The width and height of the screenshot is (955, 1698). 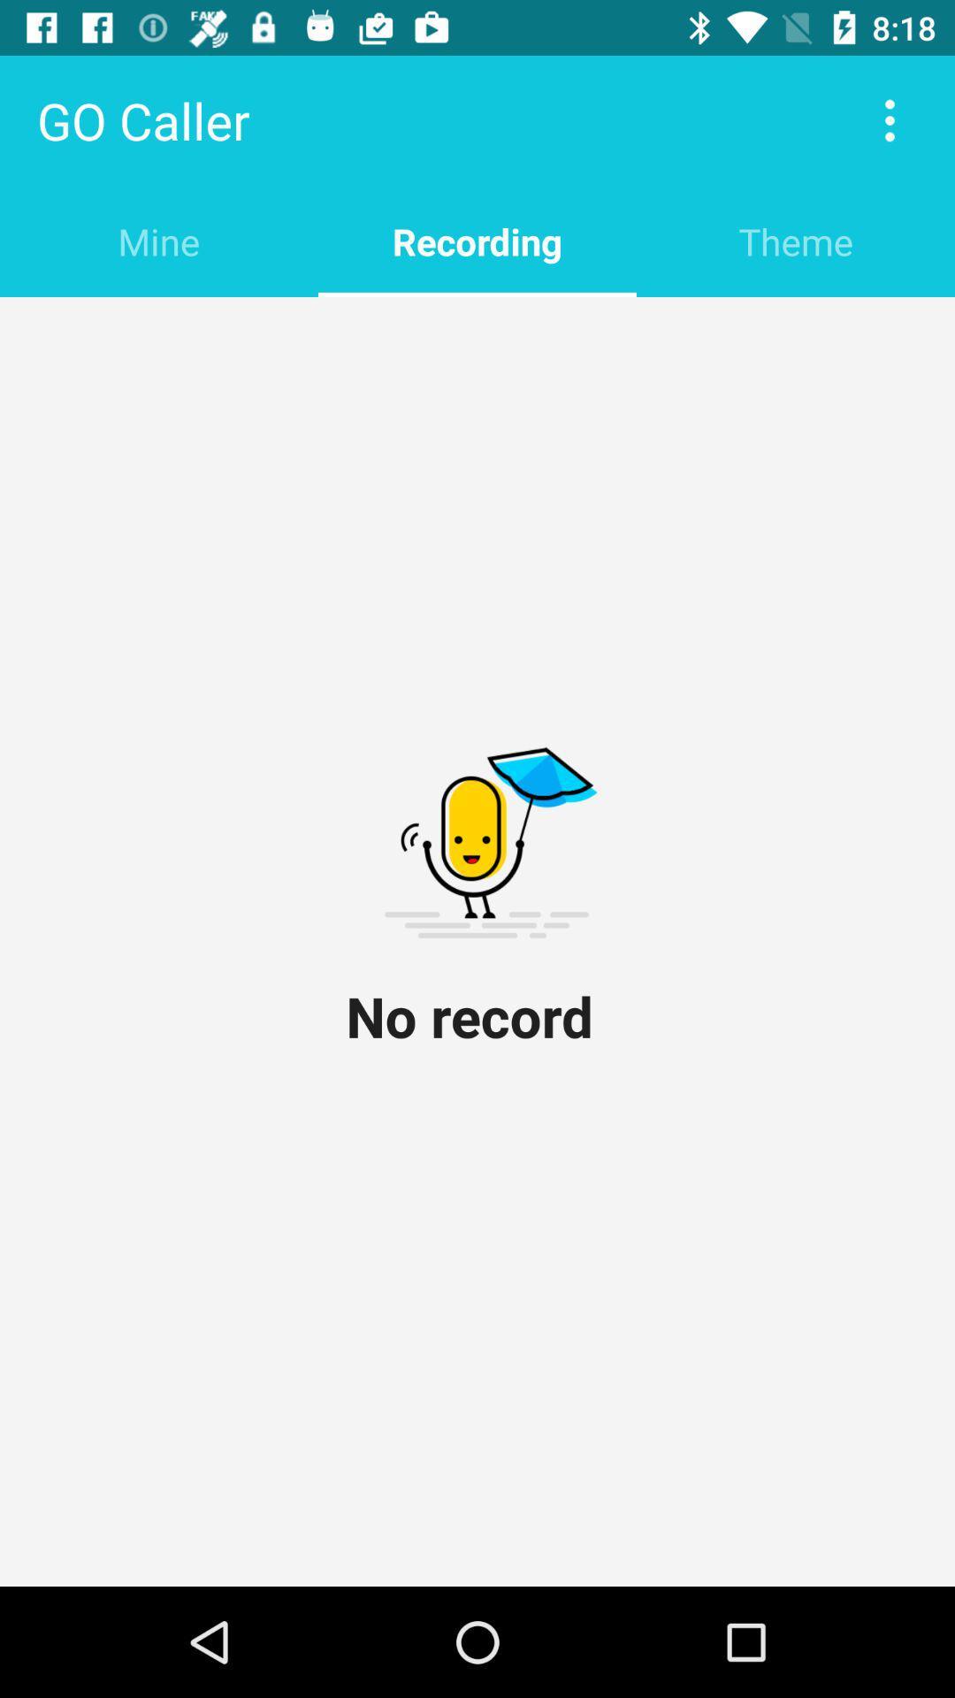 What do you see at coordinates (159, 241) in the screenshot?
I see `item at the top left corner` at bounding box center [159, 241].